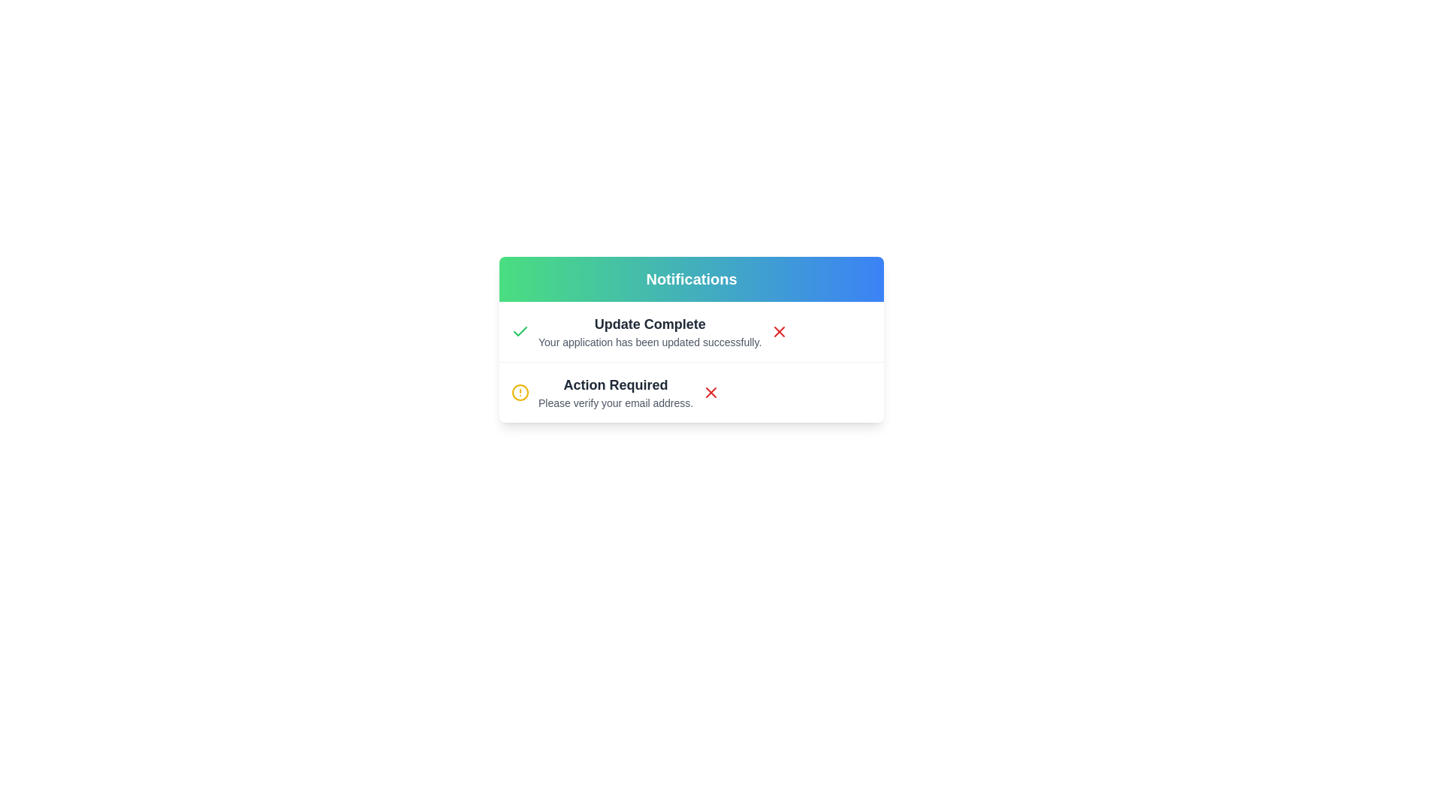 The height and width of the screenshot is (811, 1442). Describe the element at coordinates (691, 331) in the screenshot. I see `success message displayed in the first notification of the notification card, which indicates that the application has been updated successfully` at that location.